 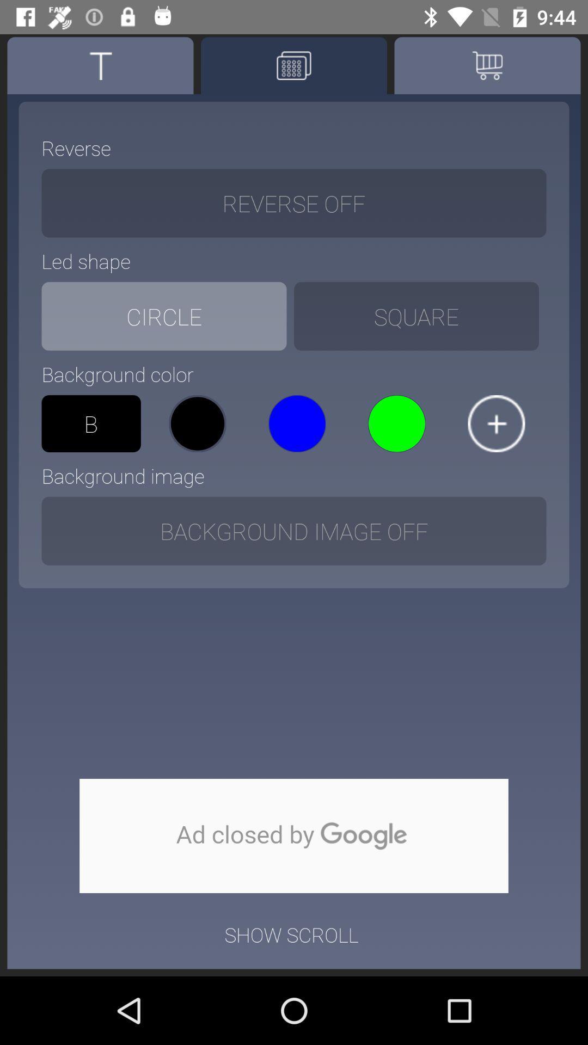 I want to click on led sign, so click(x=294, y=65).